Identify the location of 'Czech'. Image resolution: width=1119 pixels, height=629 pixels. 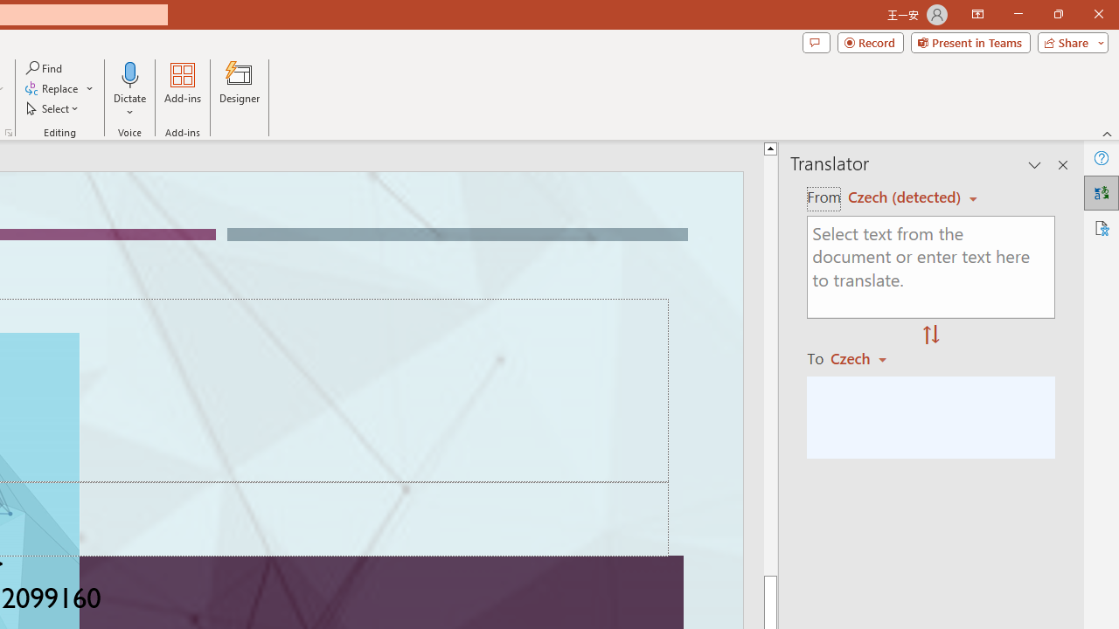
(866, 357).